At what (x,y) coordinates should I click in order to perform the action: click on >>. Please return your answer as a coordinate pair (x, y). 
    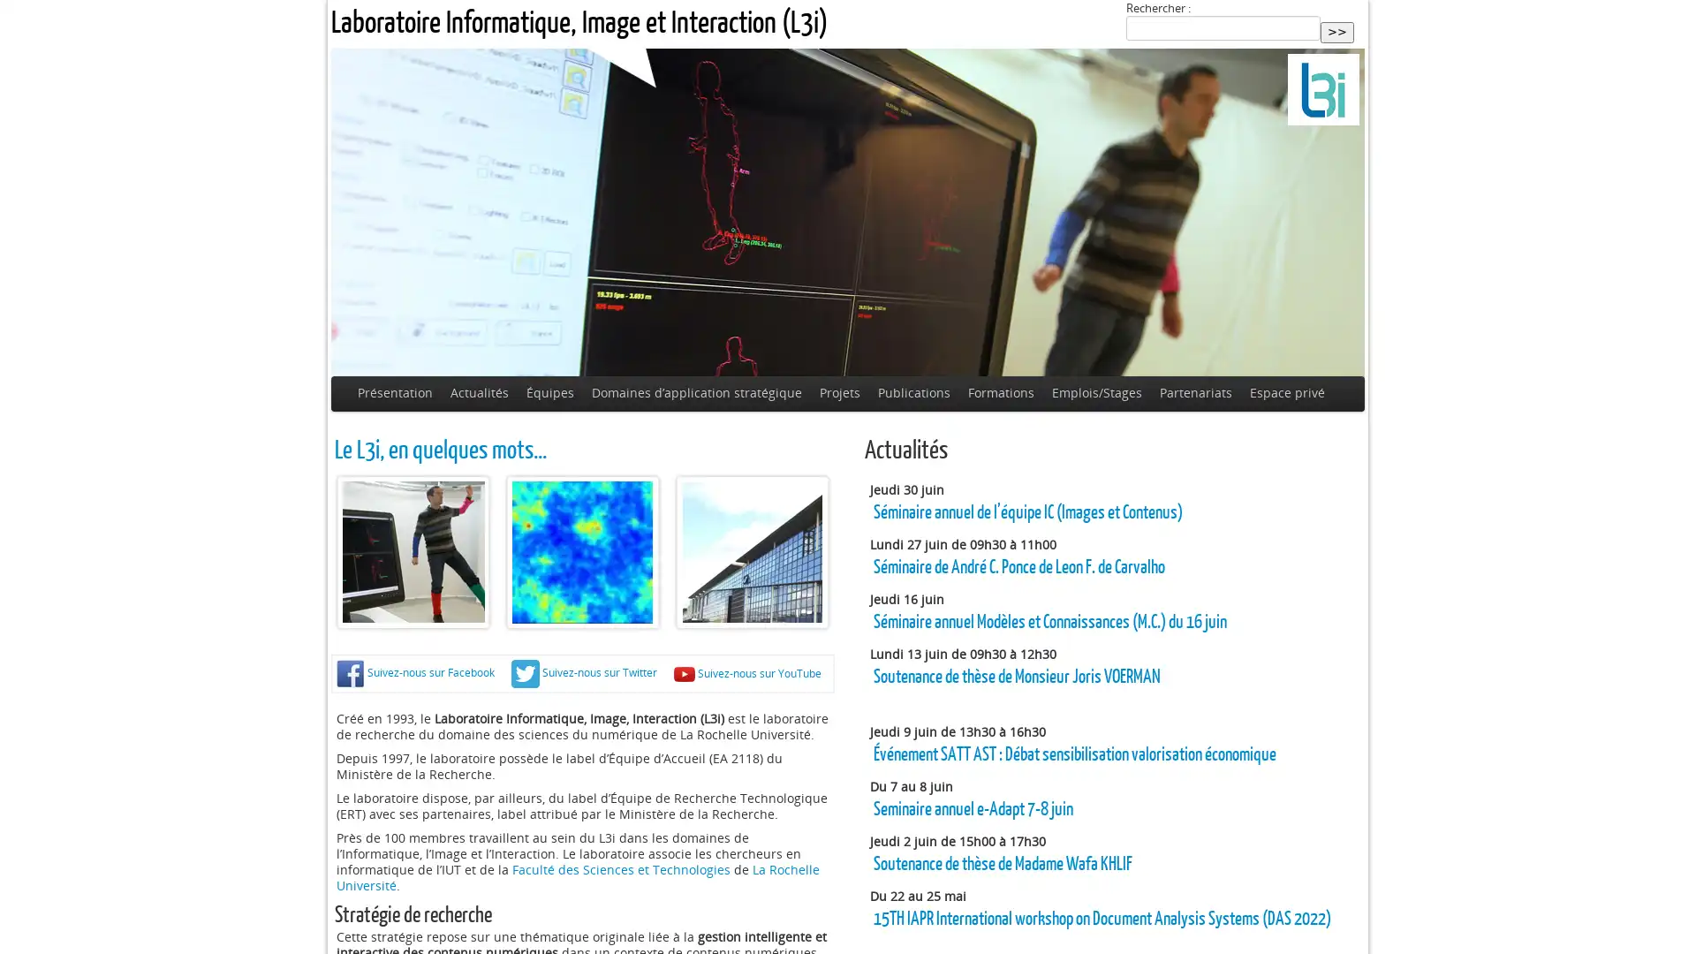
    Looking at the image, I should click on (1336, 31).